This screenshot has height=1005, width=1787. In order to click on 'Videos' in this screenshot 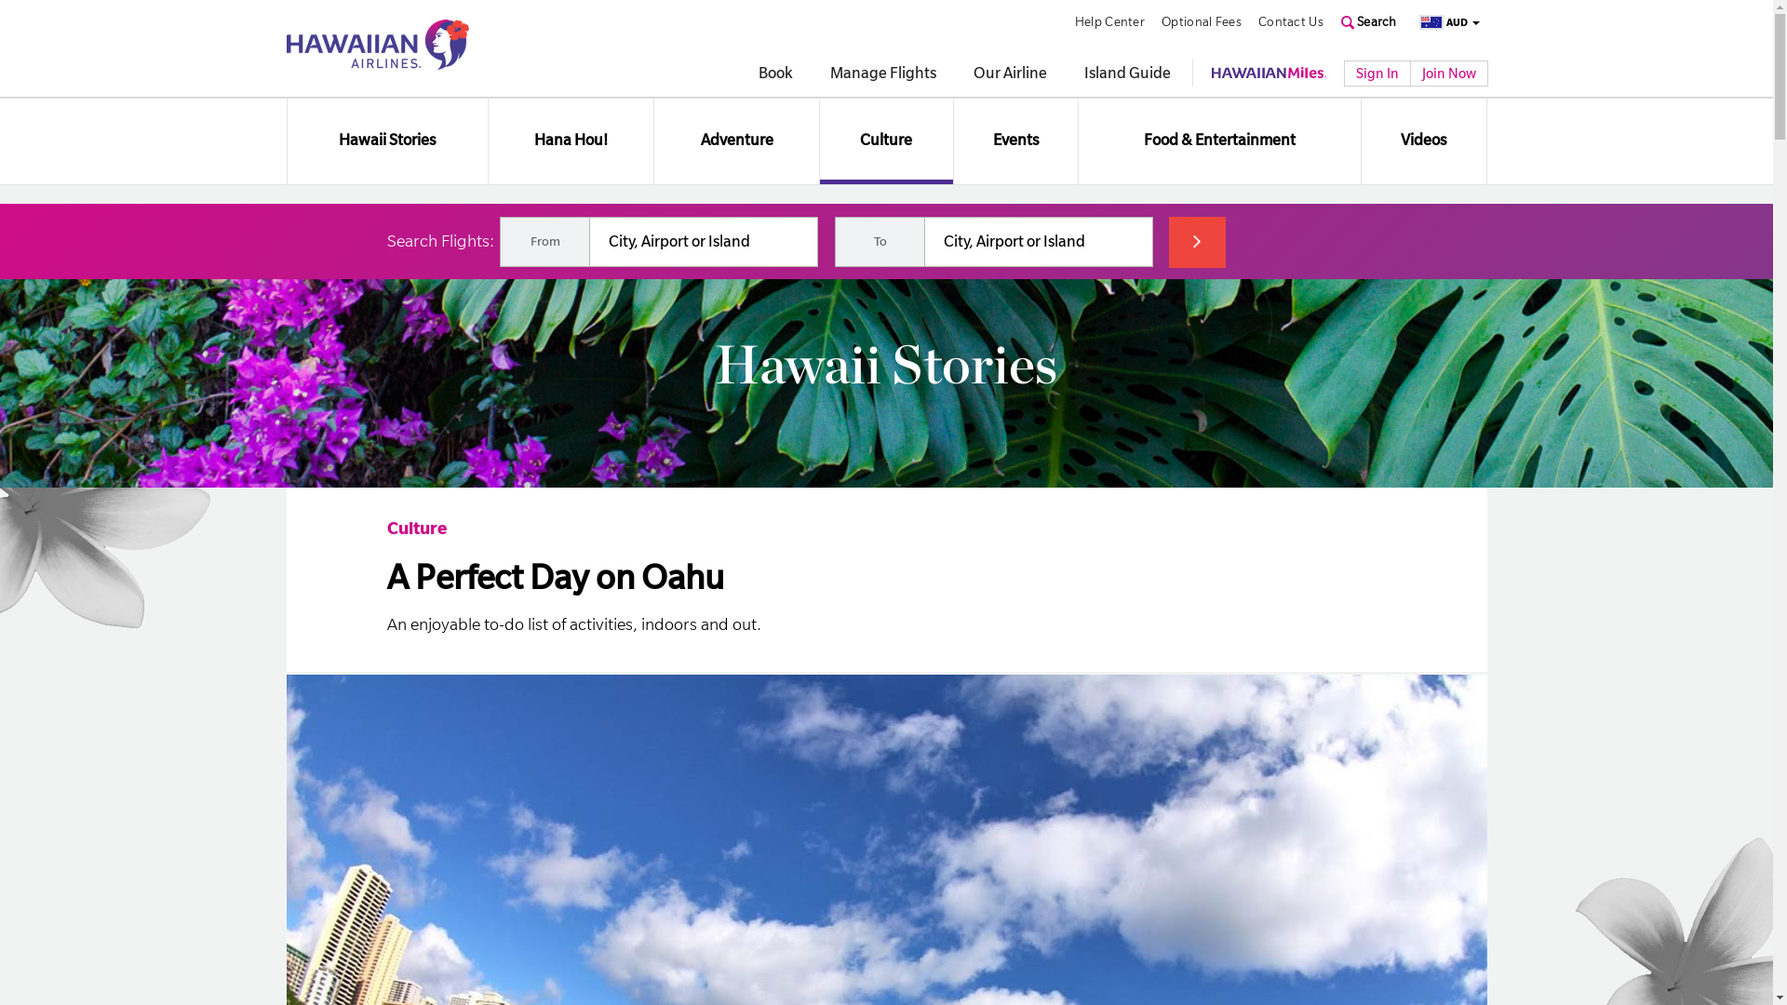, I will do `click(1422, 140)`.